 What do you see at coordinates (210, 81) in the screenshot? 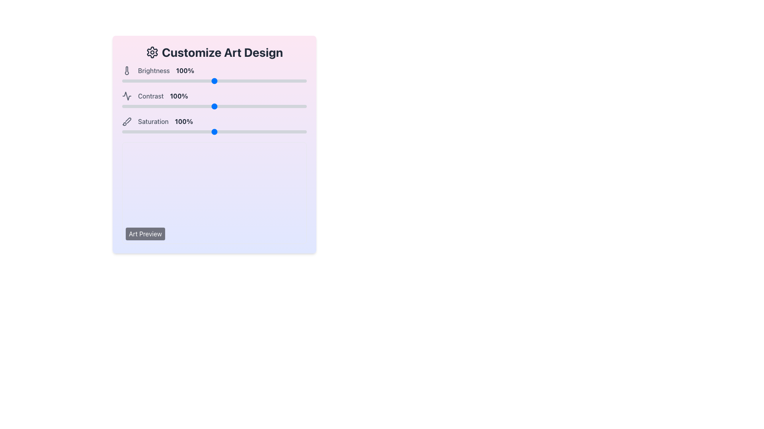
I see `brightness` at bounding box center [210, 81].